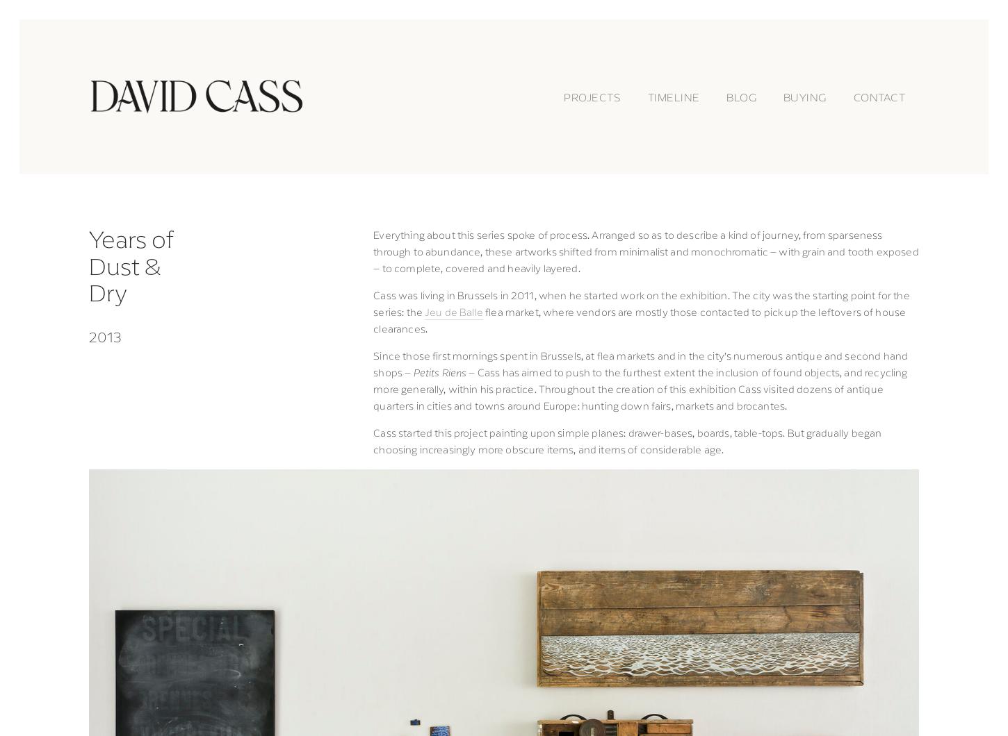 This screenshot has height=736, width=1008. I want to click on 'Contact', so click(852, 95).